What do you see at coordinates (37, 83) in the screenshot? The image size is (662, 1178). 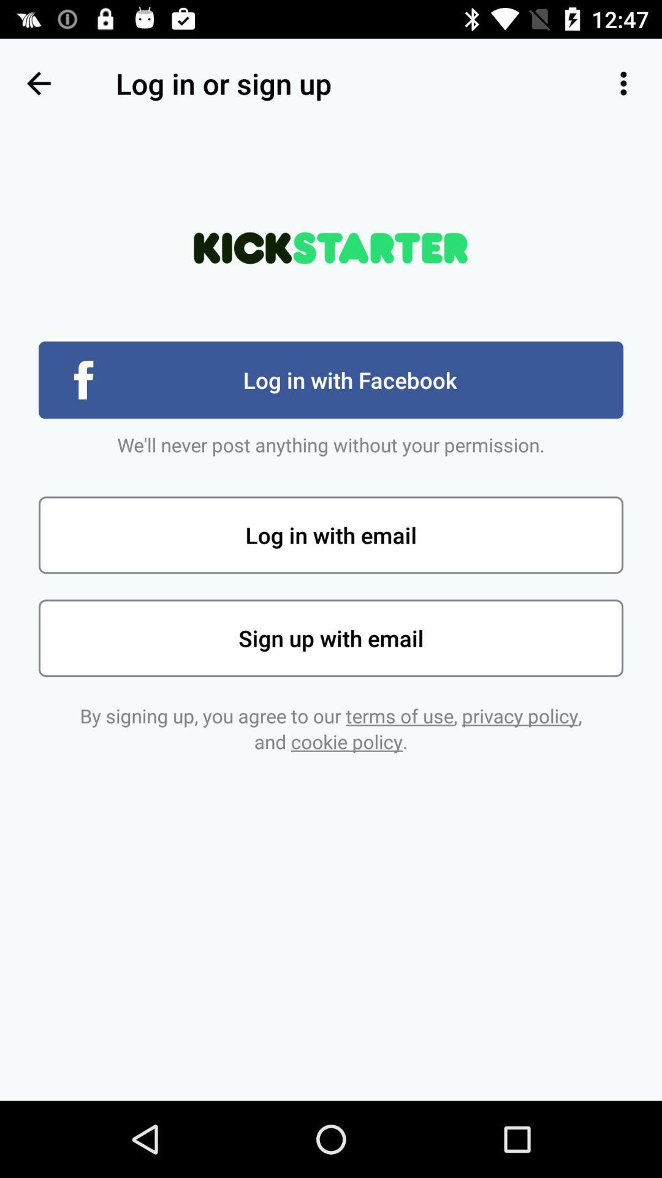 I see `item above log in with item` at bounding box center [37, 83].